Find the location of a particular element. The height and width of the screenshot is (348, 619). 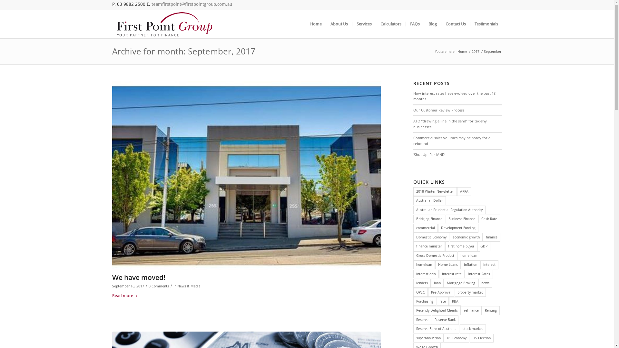

'homeloan' is located at coordinates (424, 265).